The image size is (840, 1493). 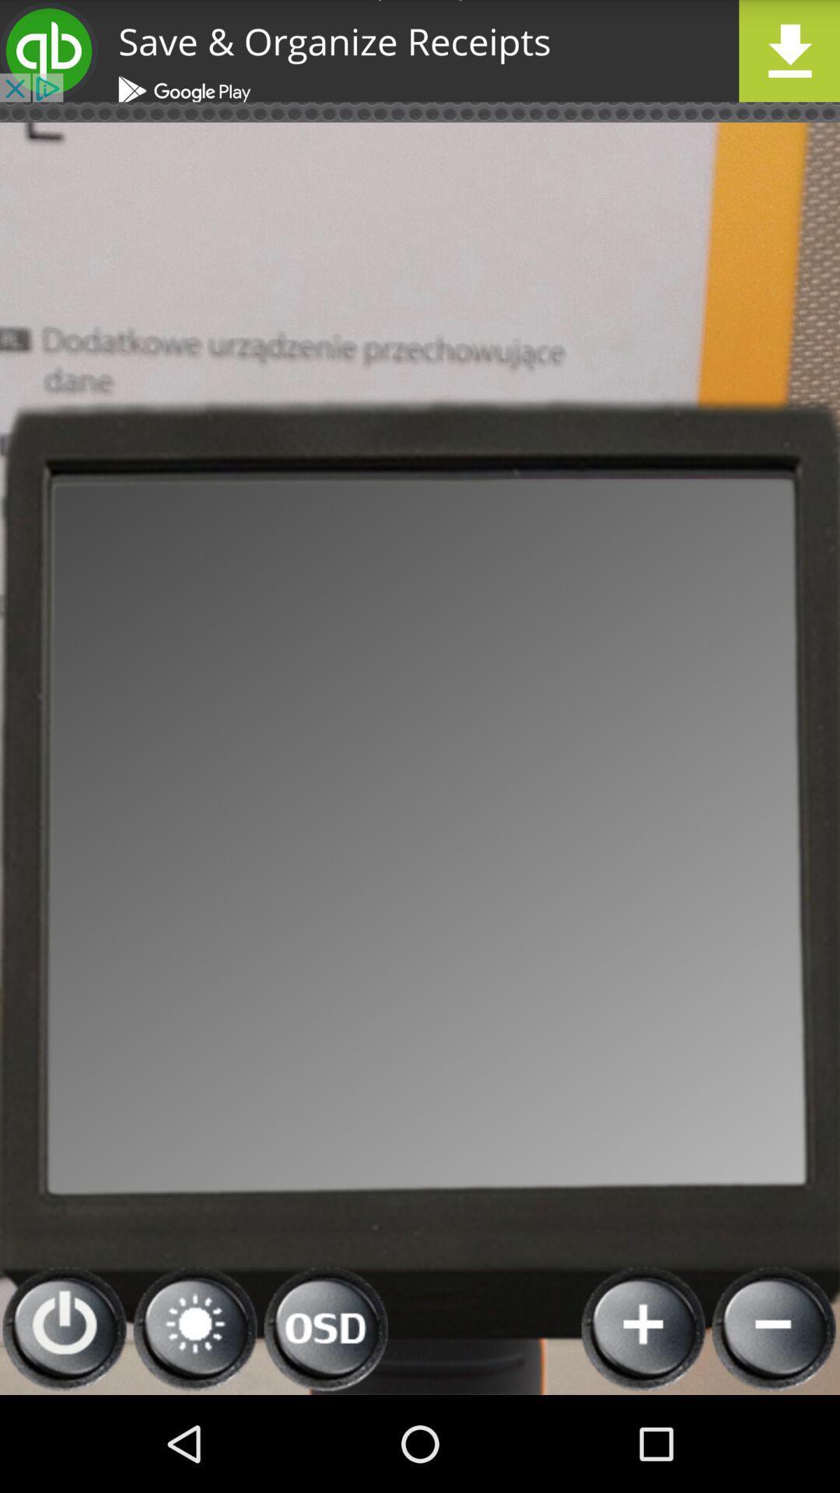 I want to click on change brightness, so click(x=194, y=1328).